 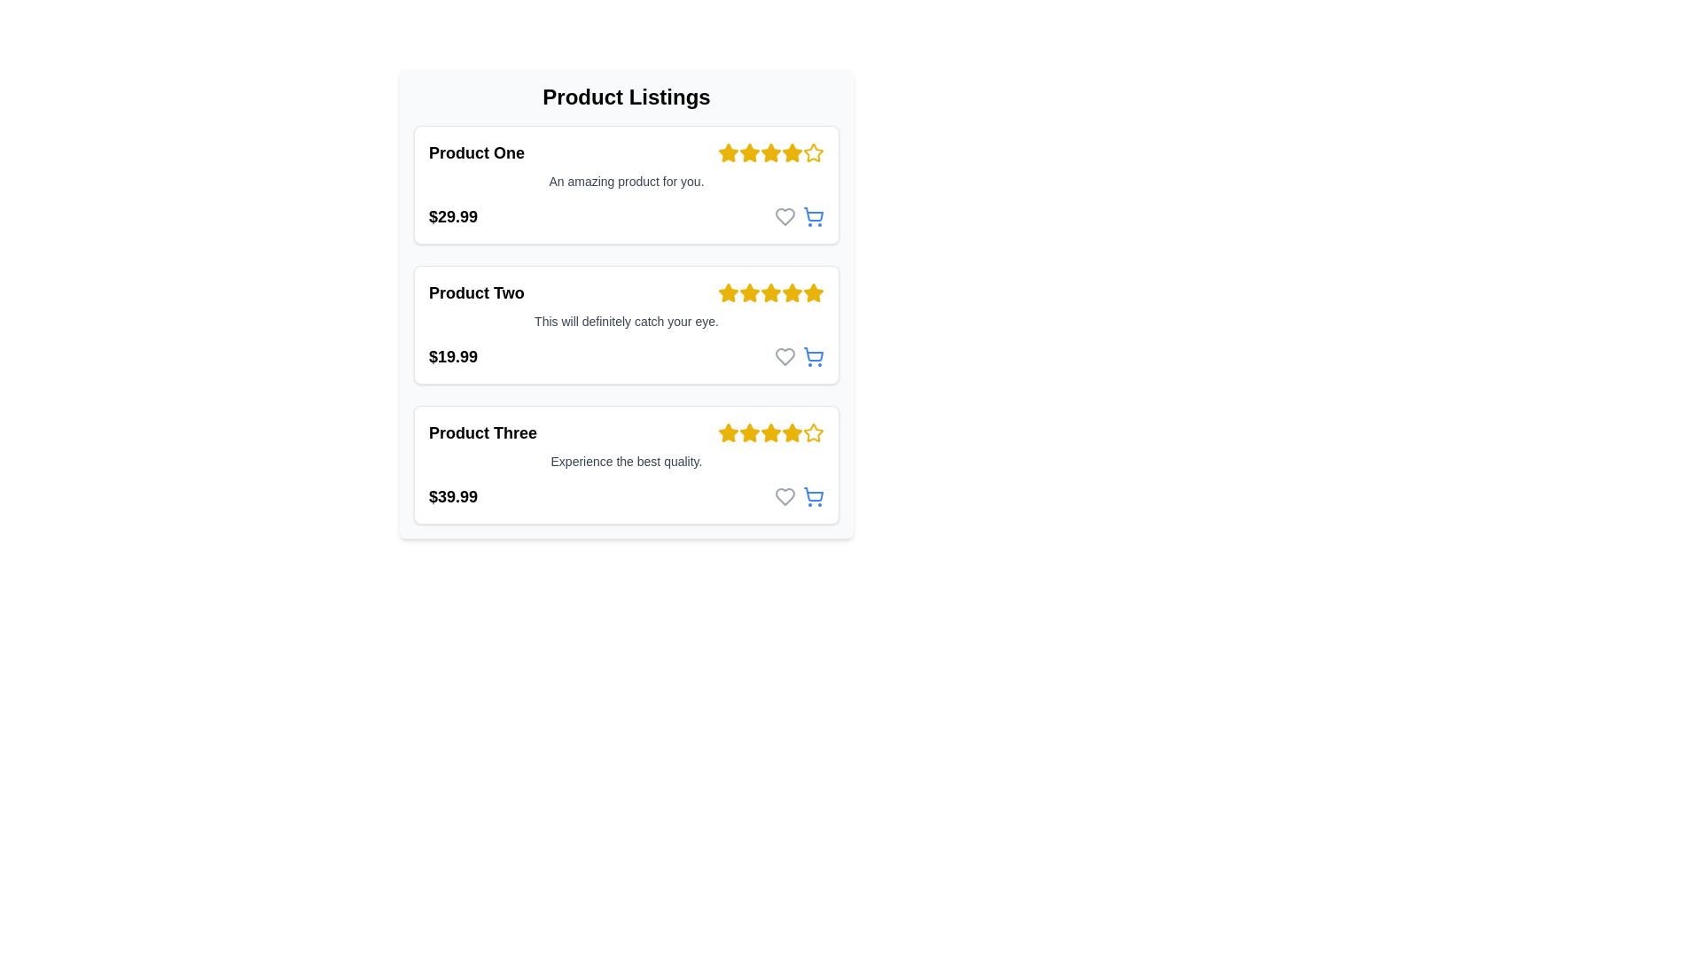 I want to click on the second star icon in the rating display for 'Product One', so click(x=749, y=152).